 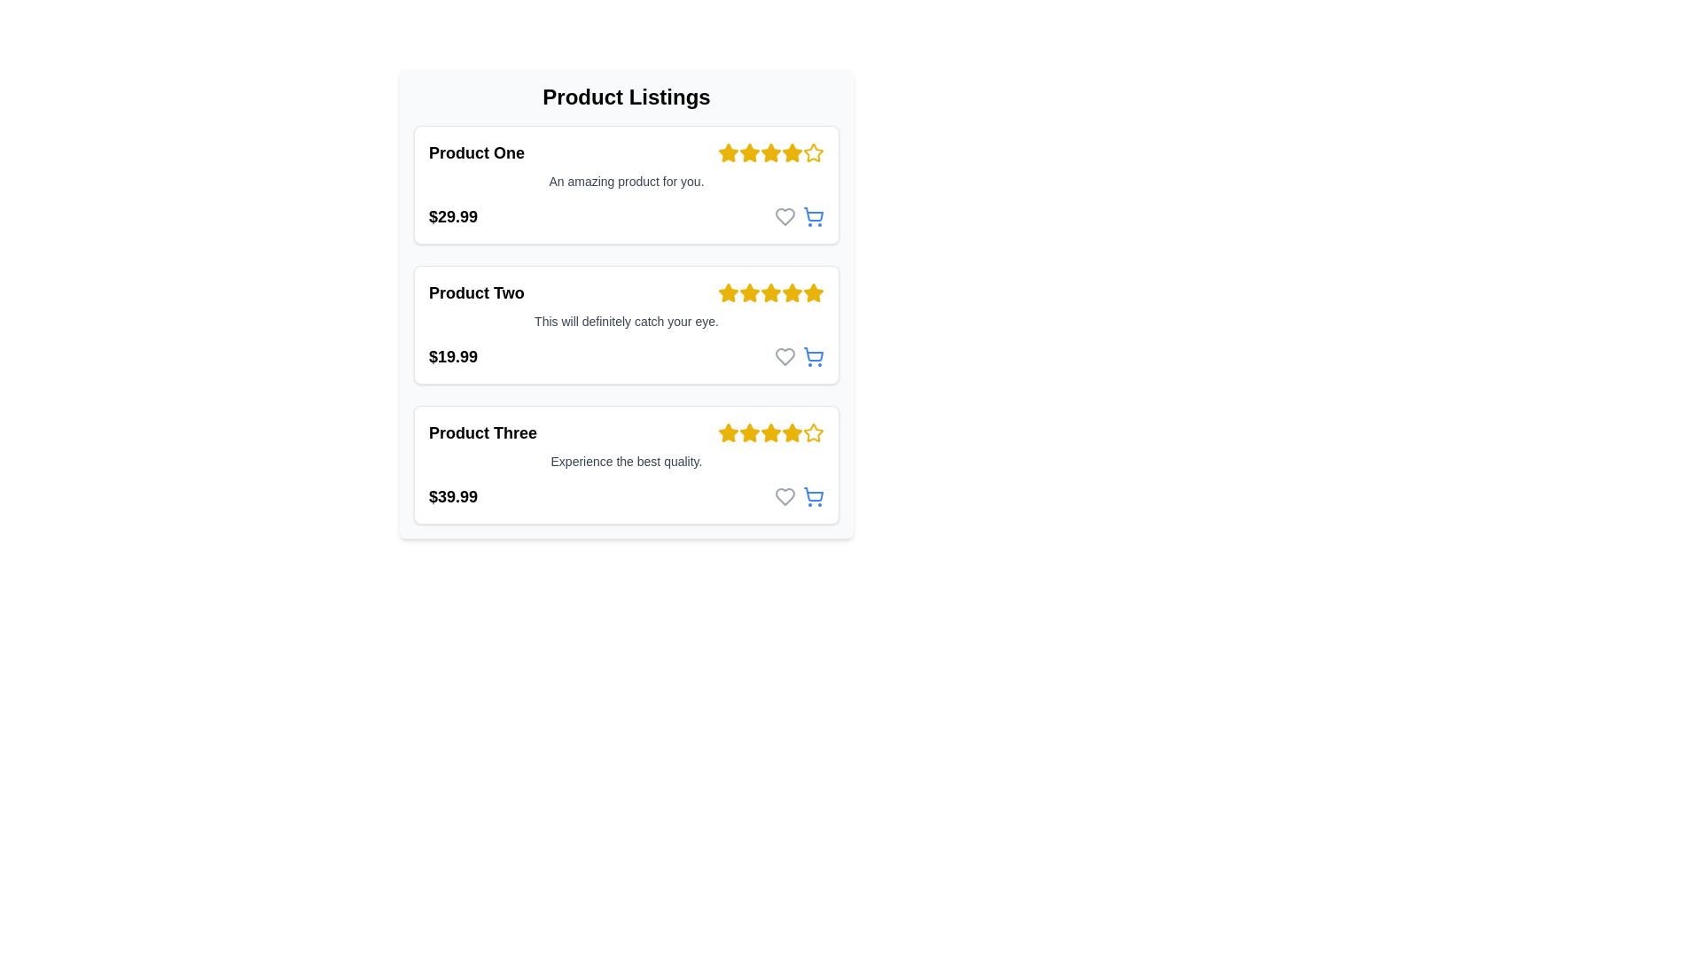 I want to click on the second star icon in the rating display for 'Product One', so click(x=749, y=152).